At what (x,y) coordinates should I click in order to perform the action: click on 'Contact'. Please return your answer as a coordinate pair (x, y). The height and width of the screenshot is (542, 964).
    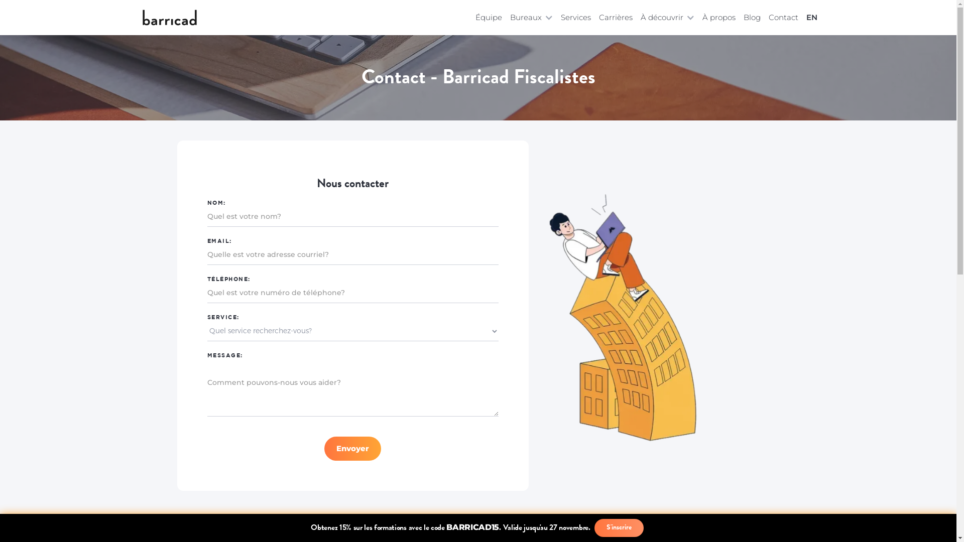
    Looking at the image, I should click on (782, 17).